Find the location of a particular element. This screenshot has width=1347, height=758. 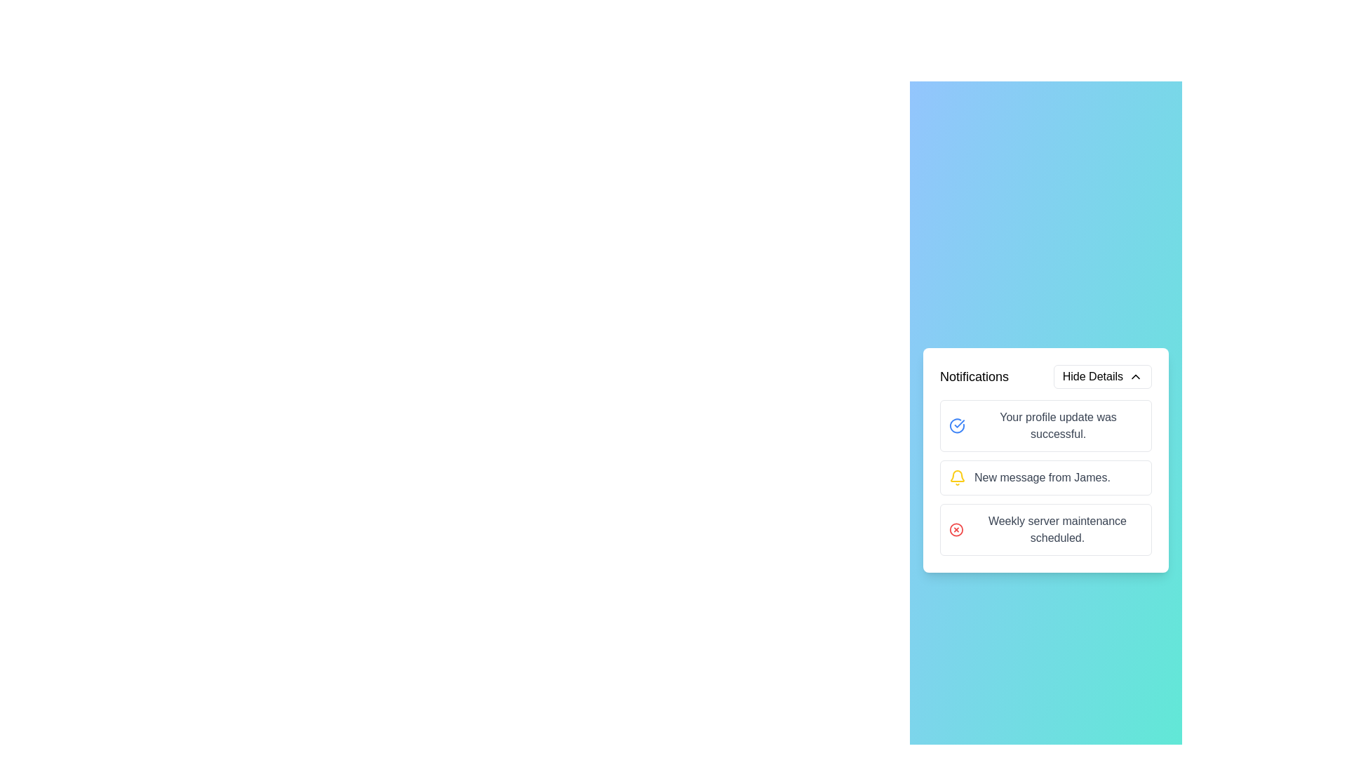

the 'Hide Details' button, which is located at the top-right corner of a notification card and features a black text label on a white background with an upward arrow icon to indicate its toggle functionality is located at coordinates (1101, 375).